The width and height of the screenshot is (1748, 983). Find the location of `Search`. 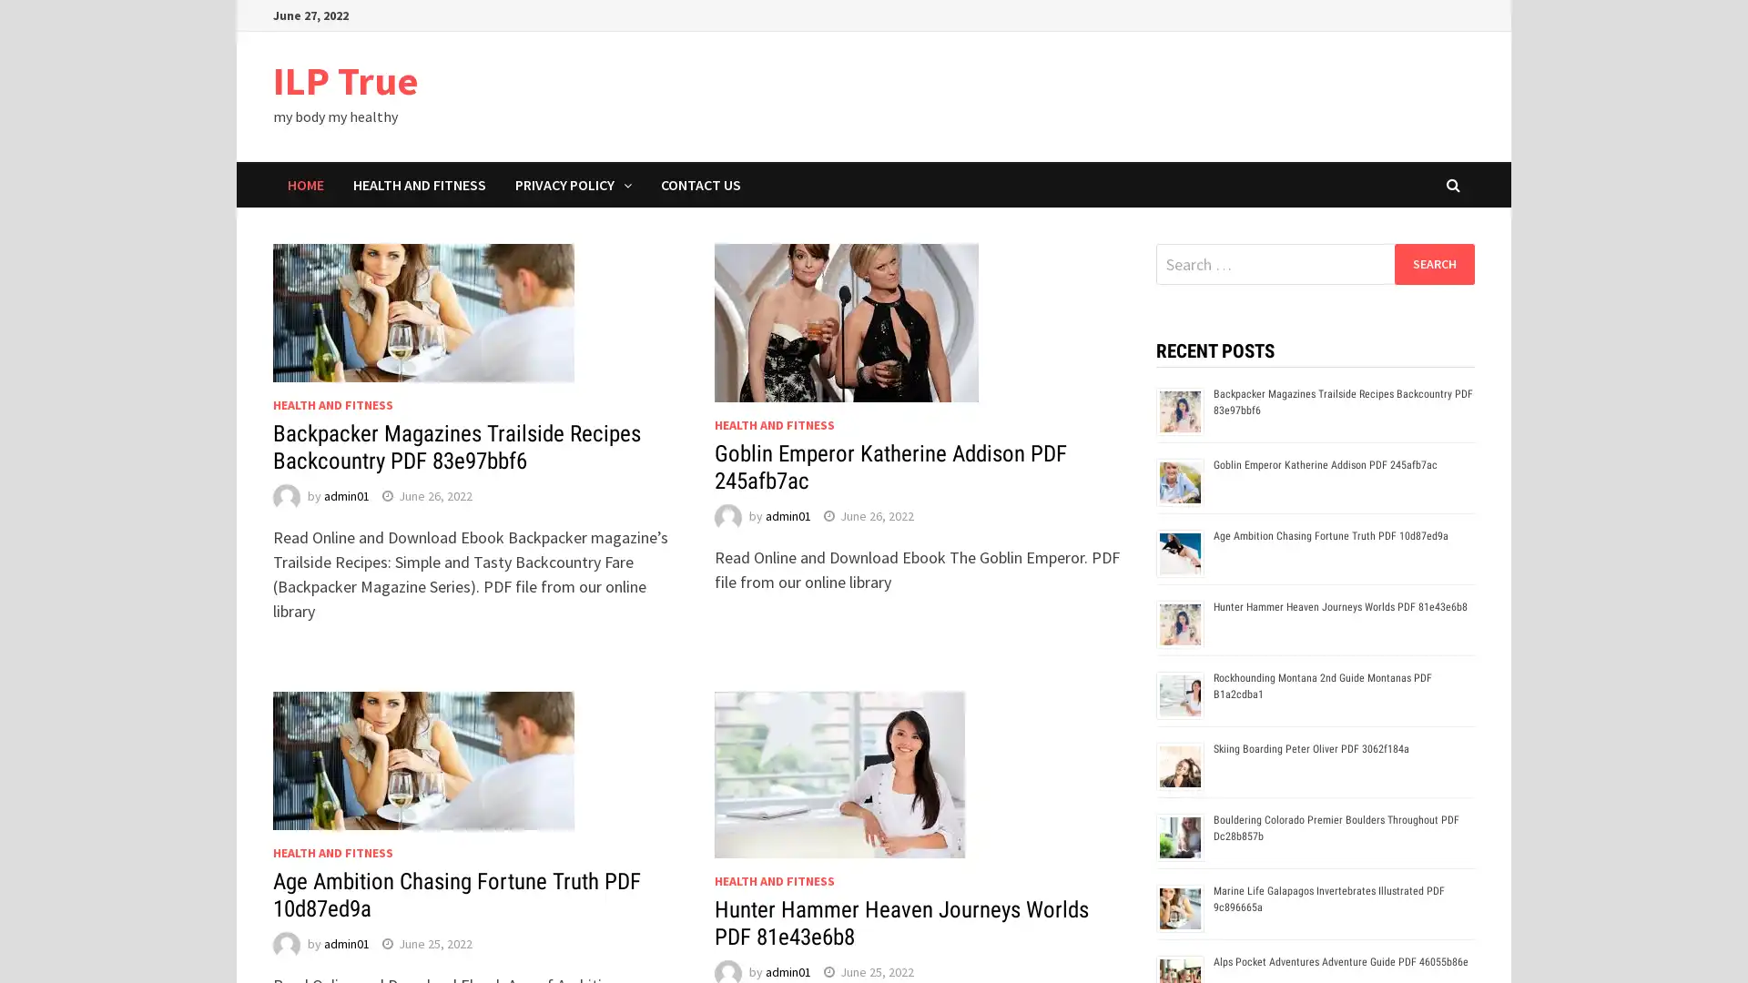

Search is located at coordinates (1433, 263).